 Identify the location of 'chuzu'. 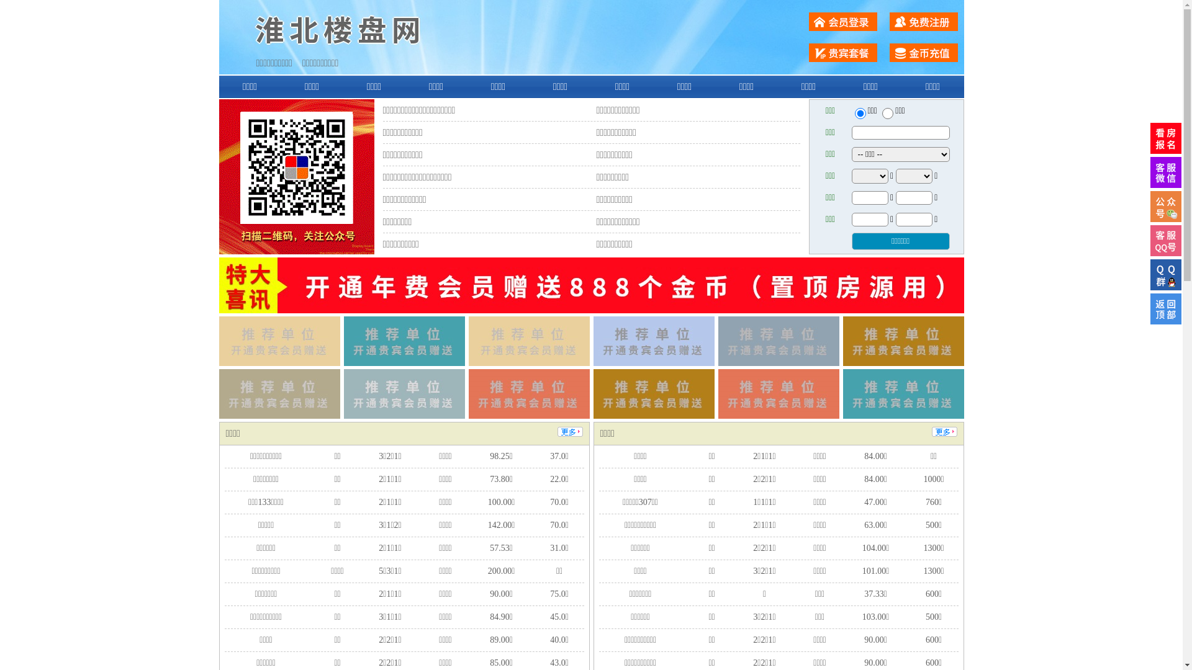
(887, 113).